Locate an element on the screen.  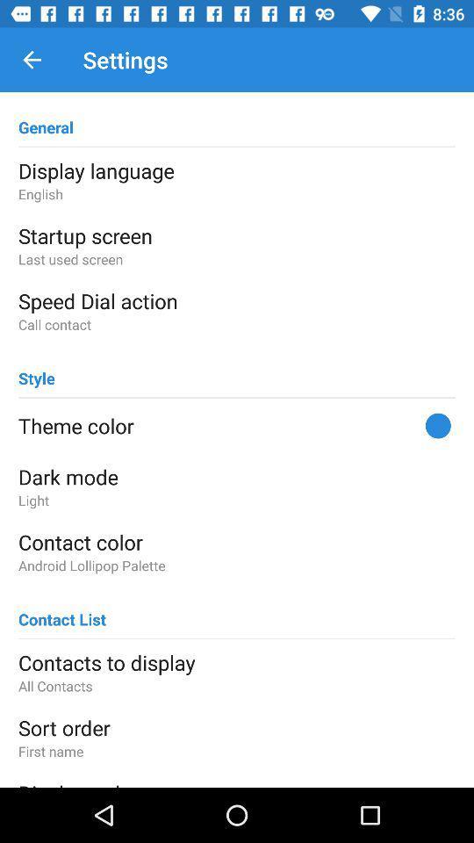
item above call contact icon is located at coordinates (237, 300).